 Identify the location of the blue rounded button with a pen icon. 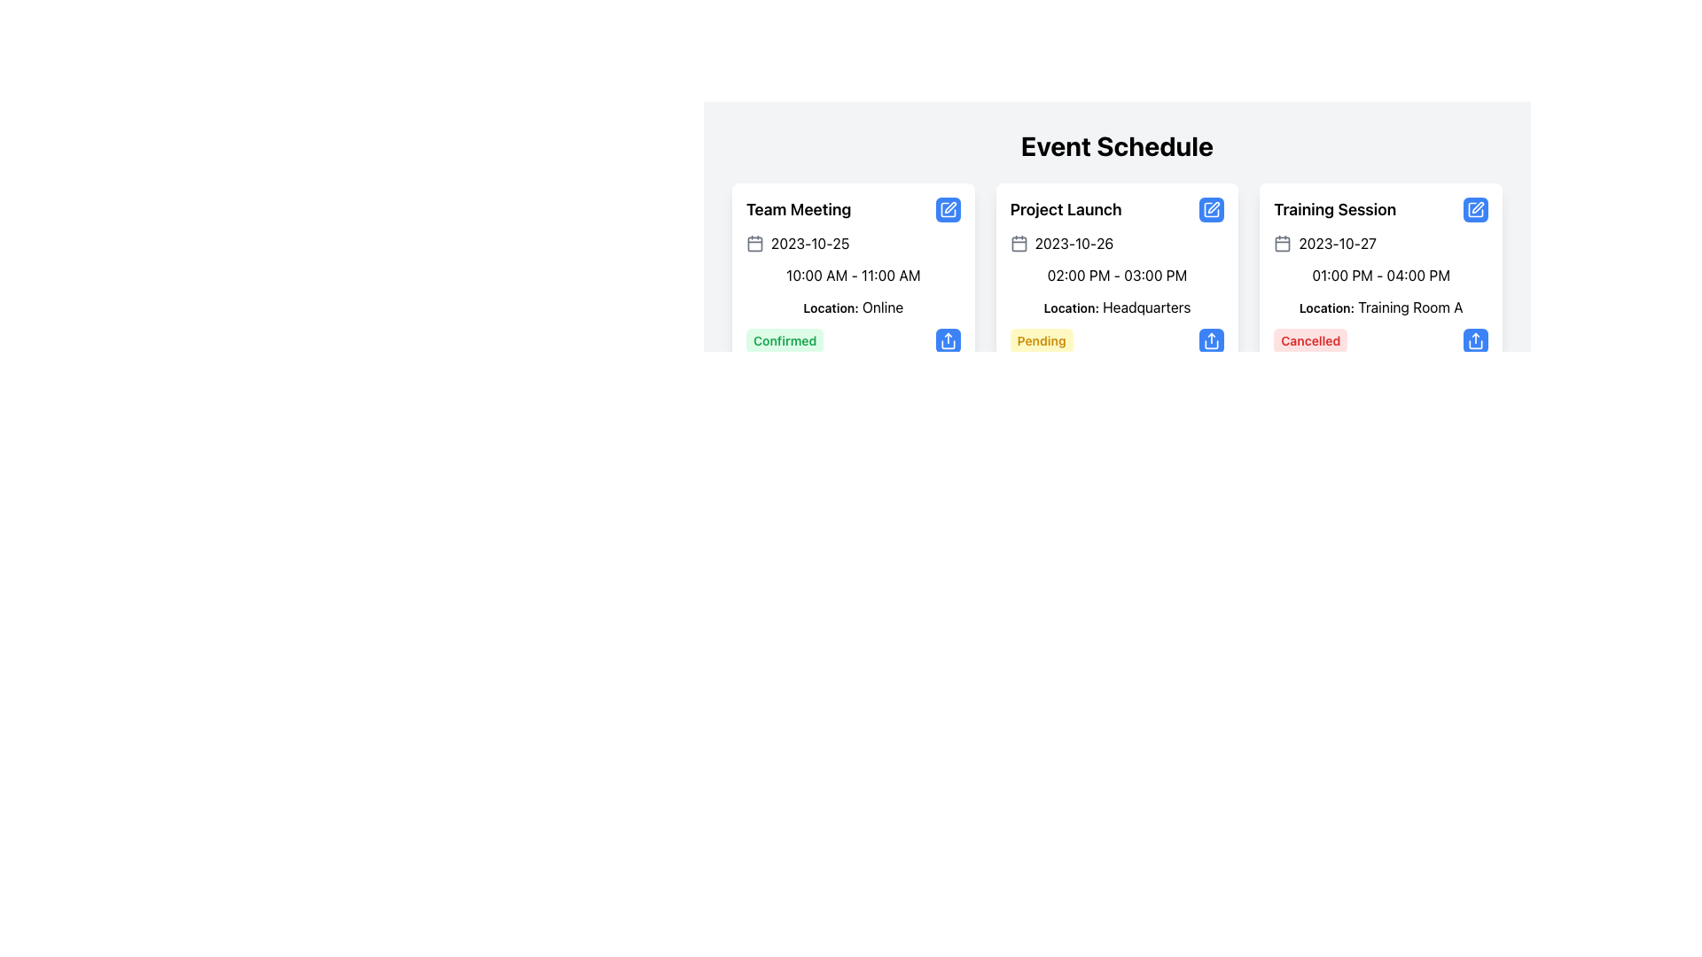
(1211, 208).